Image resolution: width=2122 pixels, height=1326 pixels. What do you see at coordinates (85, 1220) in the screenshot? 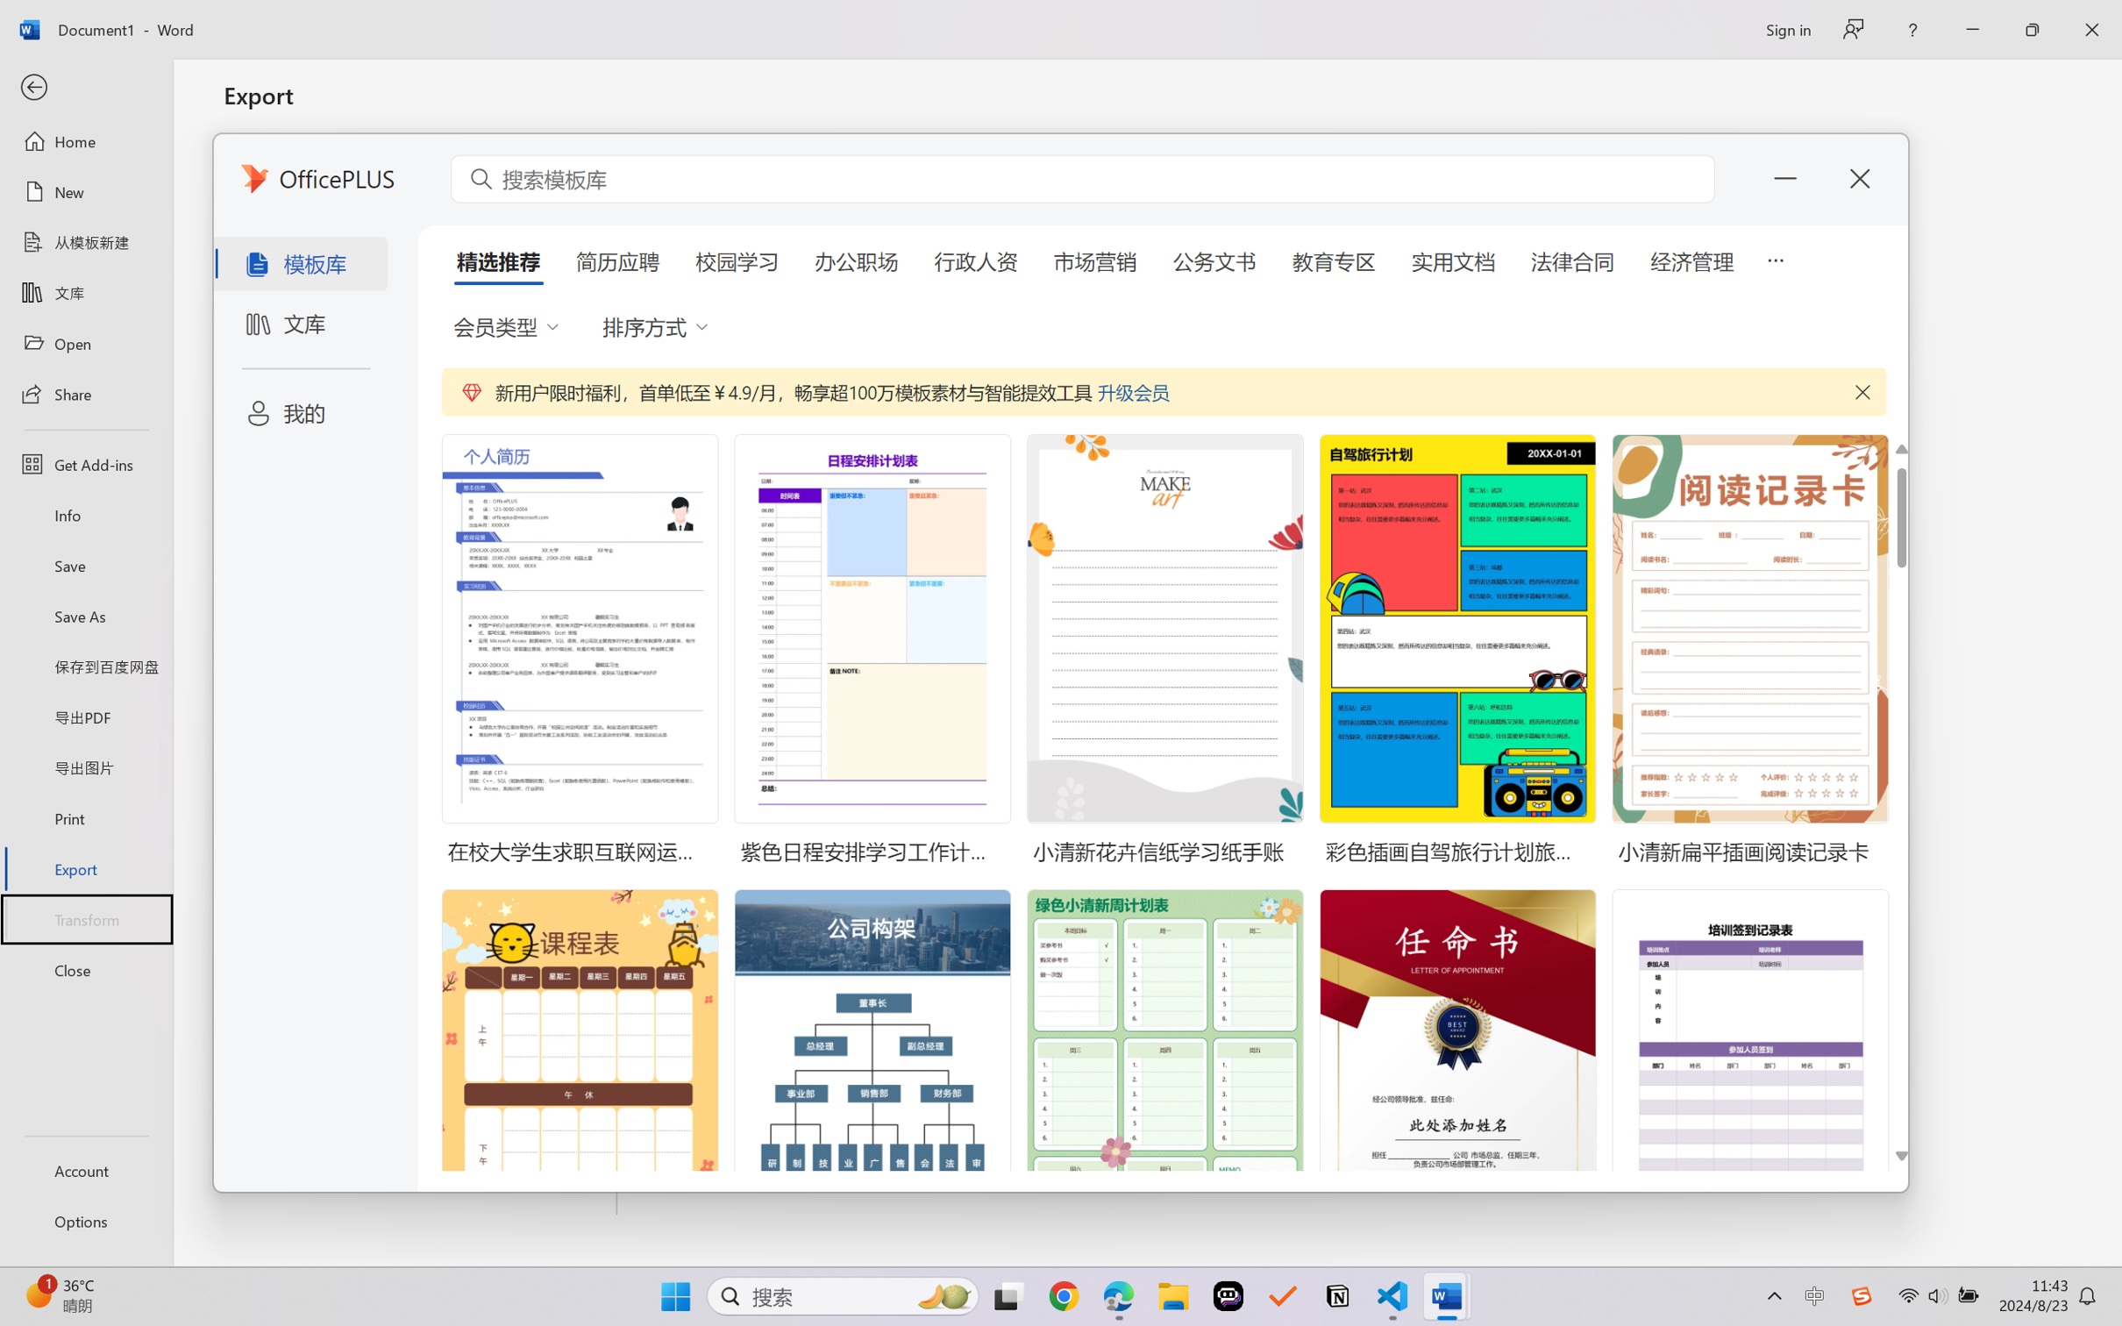
I see `'Options'` at bounding box center [85, 1220].